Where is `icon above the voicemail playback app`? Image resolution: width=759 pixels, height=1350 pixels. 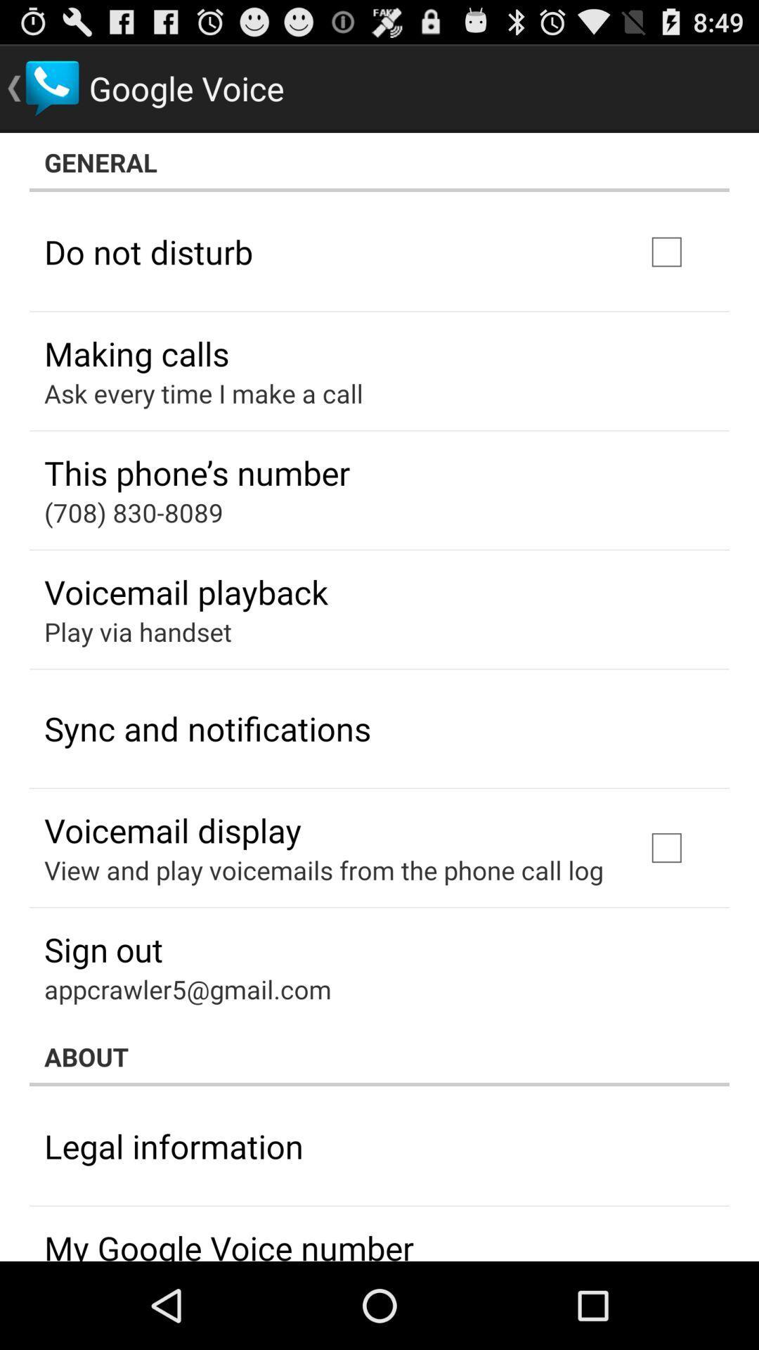 icon above the voicemail playback app is located at coordinates (134, 512).